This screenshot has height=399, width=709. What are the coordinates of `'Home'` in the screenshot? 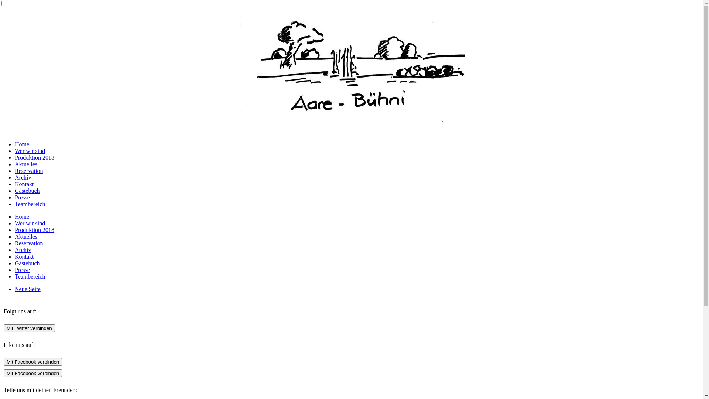 It's located at (22, 216).